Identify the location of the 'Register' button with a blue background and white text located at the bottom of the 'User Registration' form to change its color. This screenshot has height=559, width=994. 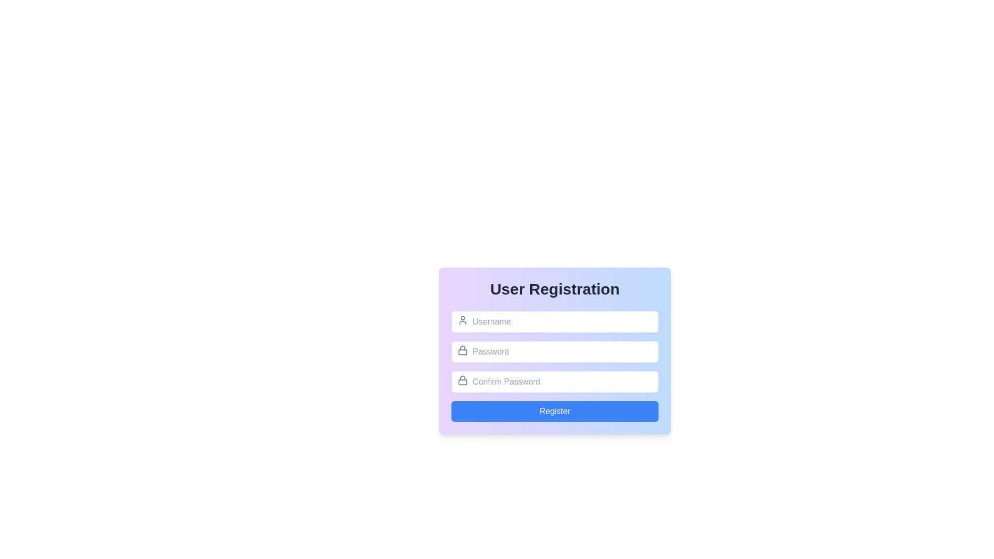
(554, 410).